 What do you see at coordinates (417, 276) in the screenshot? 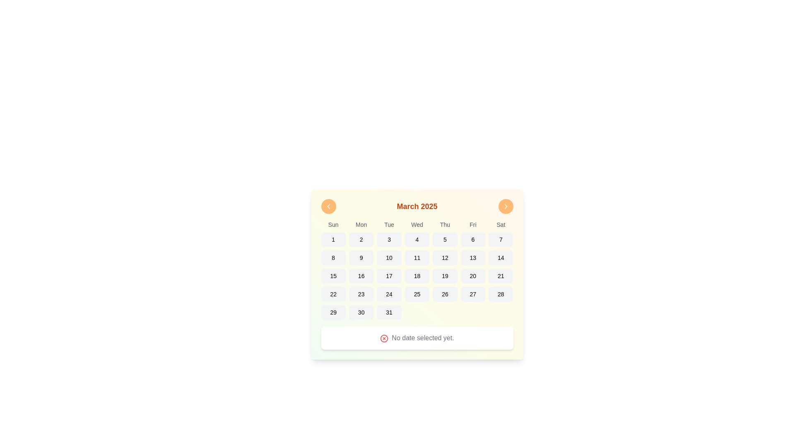
I see `the button displaying the number '18' in the calendar grid` at bounding box center [417, 276].